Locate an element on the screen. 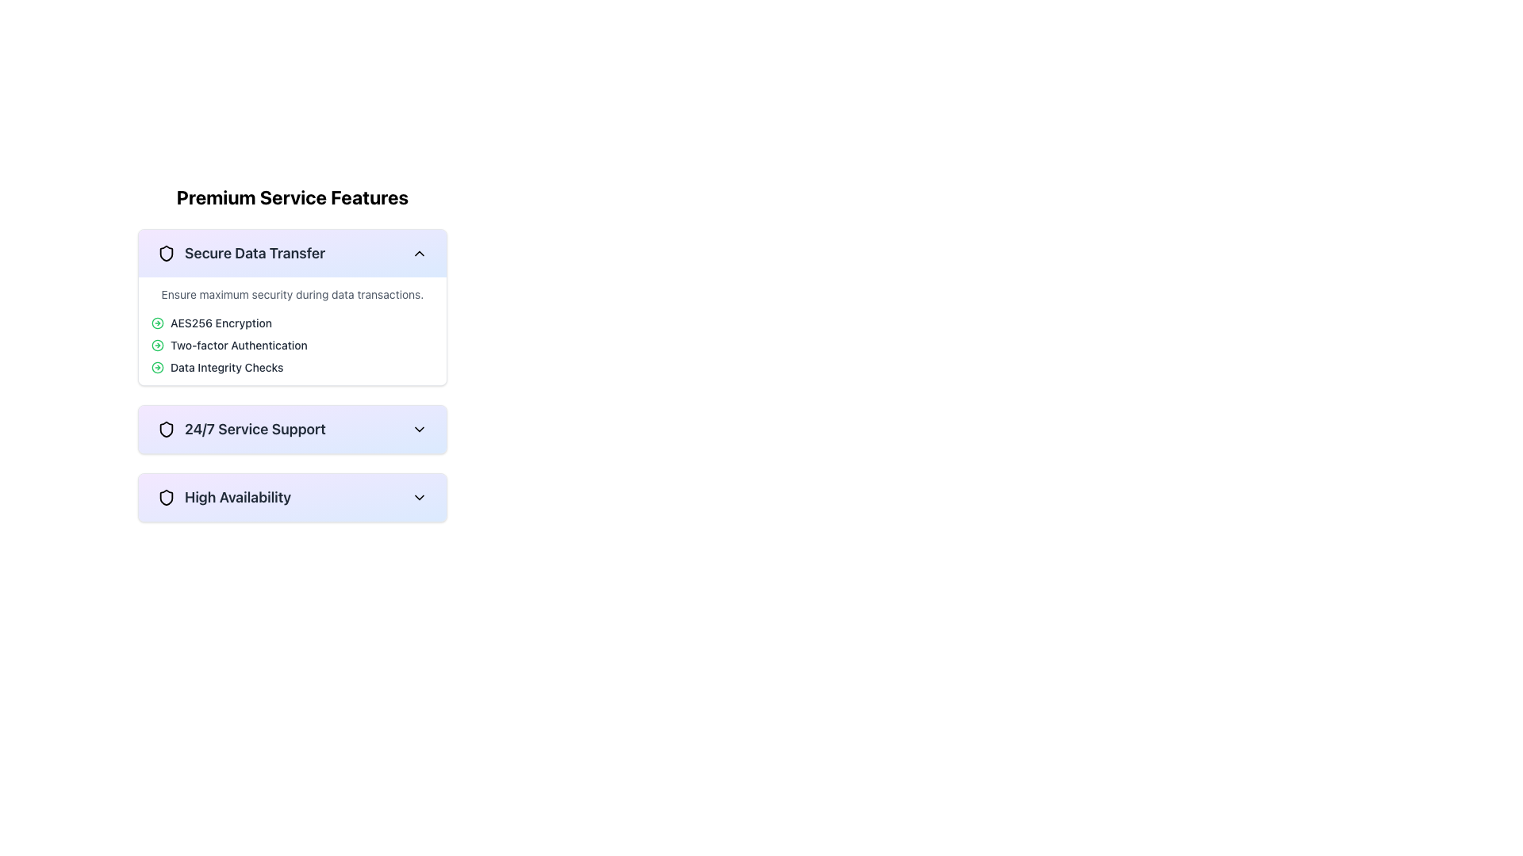 The width and height of the screenshot is (1523, 856). the shield-like graphic icon located to the left of the 'Secure Data Transfer' heading is located at coordinates (167, 253).